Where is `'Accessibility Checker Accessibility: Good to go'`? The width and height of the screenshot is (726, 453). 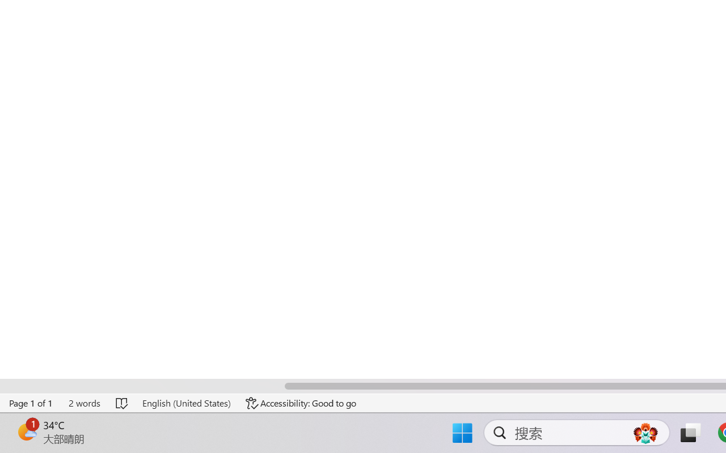
'Accessibility Checker Accessibility: Good to go' is located at coordinates (301, 403).